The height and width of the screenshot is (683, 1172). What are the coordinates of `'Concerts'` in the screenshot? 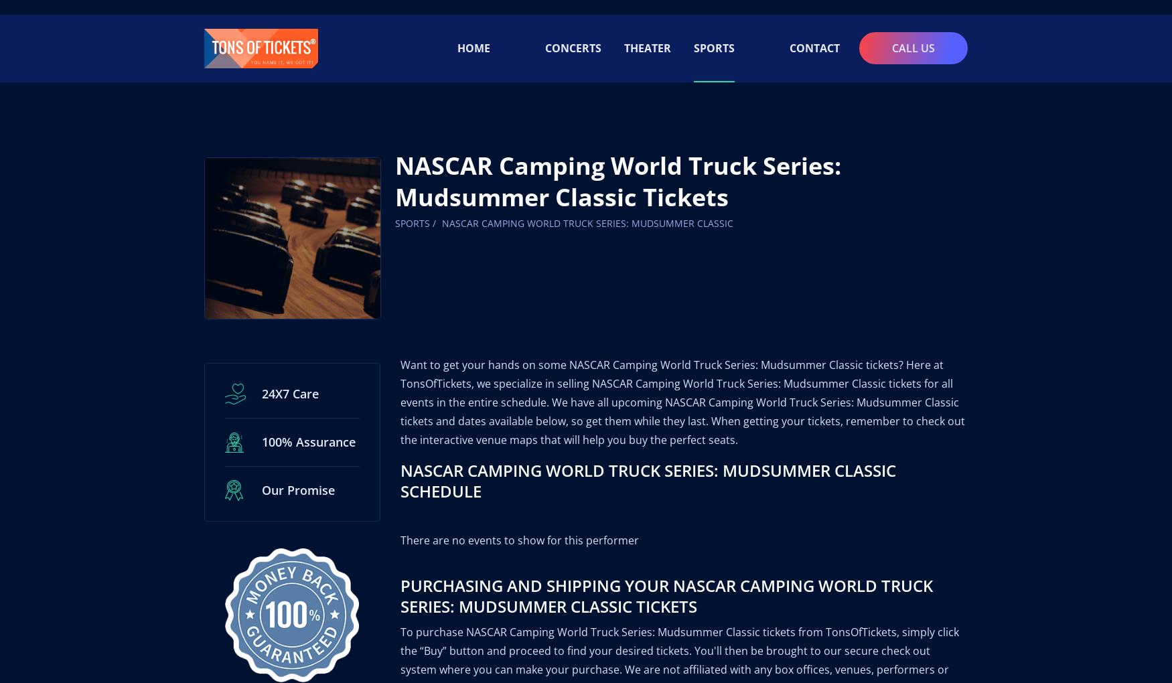 It's located at (573, 33).